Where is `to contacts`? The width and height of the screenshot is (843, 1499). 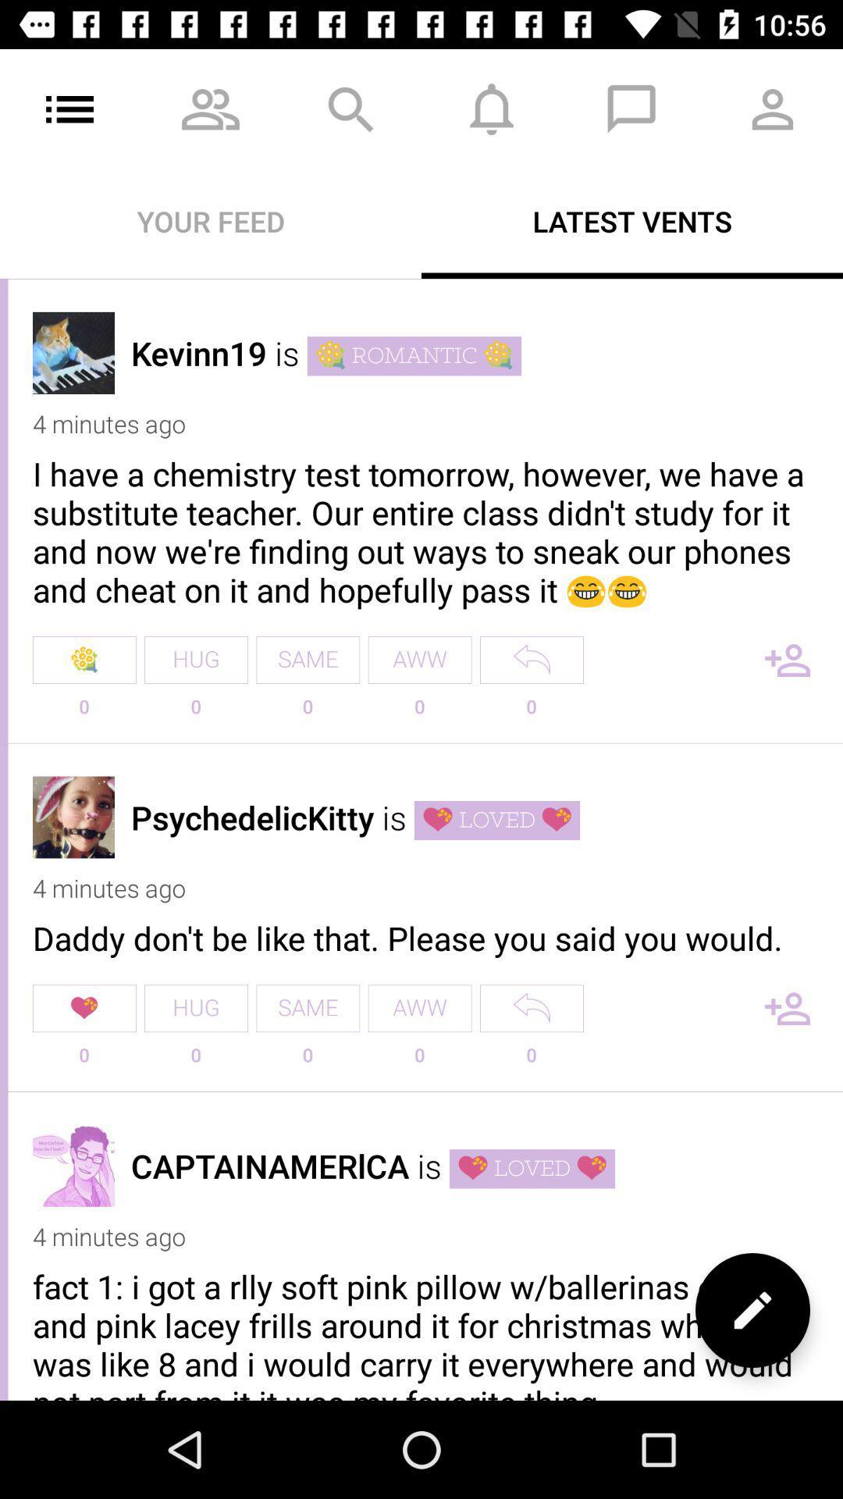 to contacts is located at coordinates (788, 1008).